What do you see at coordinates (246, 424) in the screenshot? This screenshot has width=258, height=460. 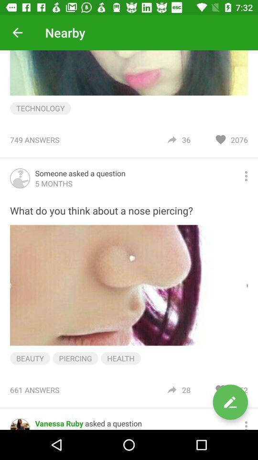 I see `show notification options` at bounding box center [246, 424].